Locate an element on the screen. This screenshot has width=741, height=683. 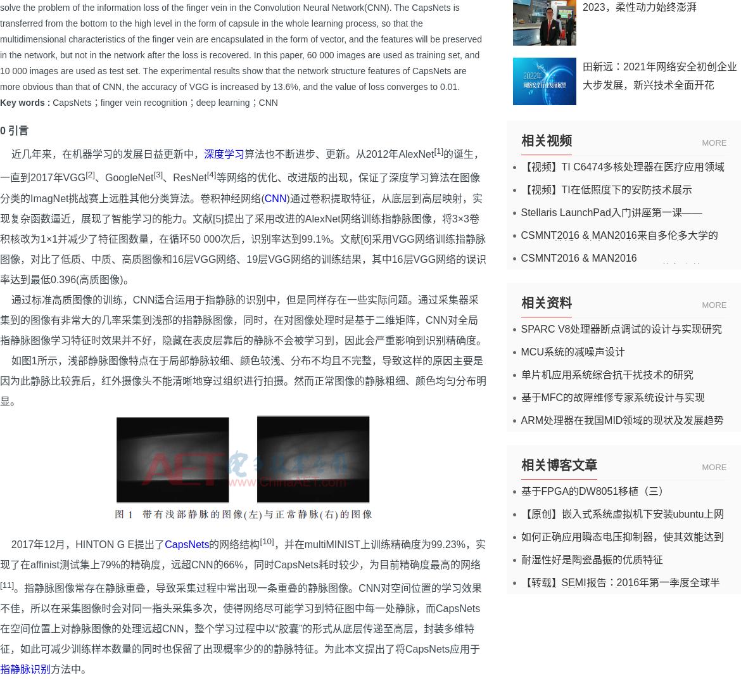
'【视频】TI在低照度下的安防技术展示' is located at coordinates (605, 189).